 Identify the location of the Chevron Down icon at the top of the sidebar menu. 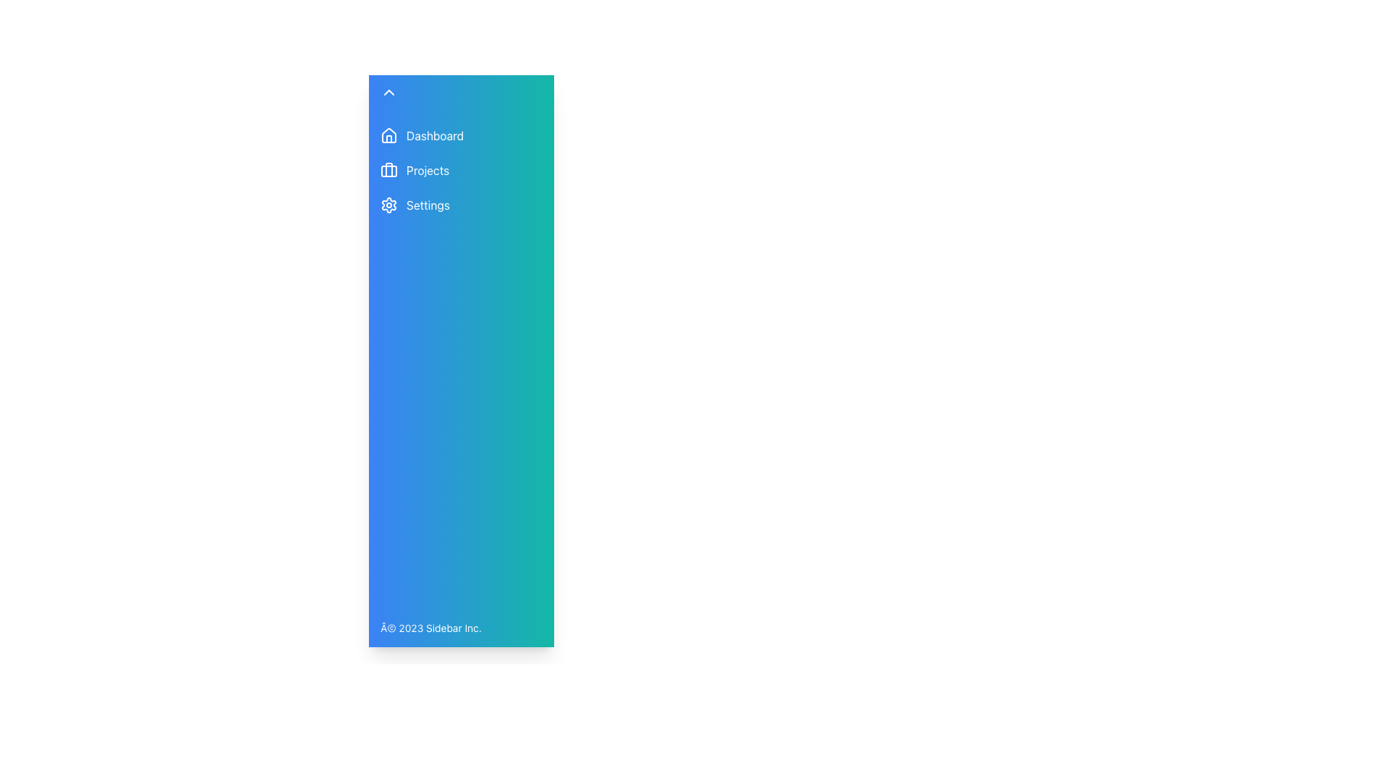
(388, 92).